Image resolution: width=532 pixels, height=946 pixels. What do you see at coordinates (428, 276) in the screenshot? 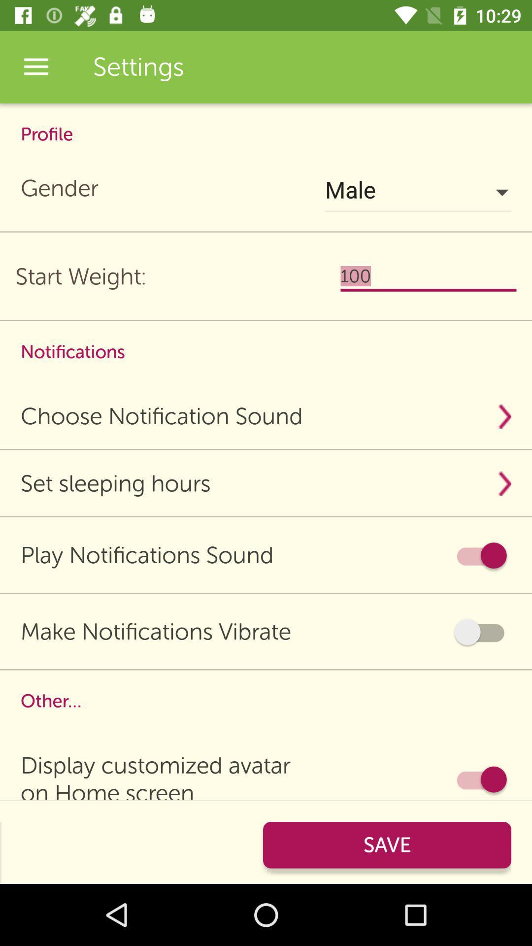
I see `the item above the notifications icon` at bounding box center [428, 276].